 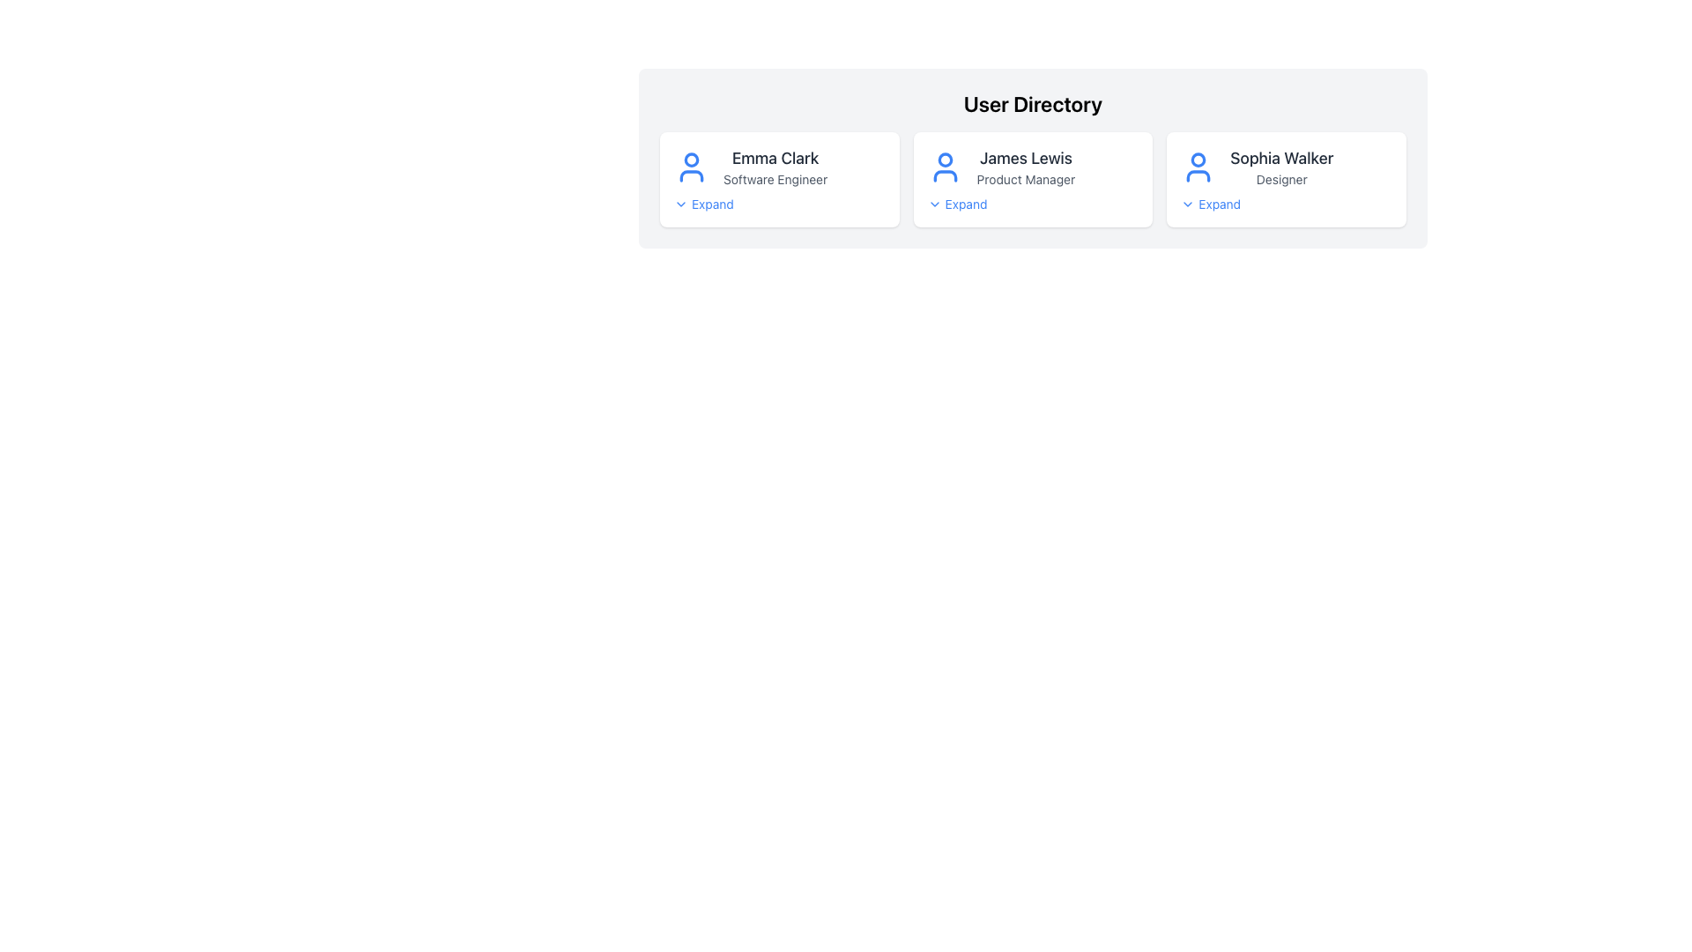 What do you see at coordinates (1198, 160) in the screenshot?
I see `the blue circular user icon representing 'Sophia Walker, Designer' in the user directory panel` at bounding box center [1198, 160].